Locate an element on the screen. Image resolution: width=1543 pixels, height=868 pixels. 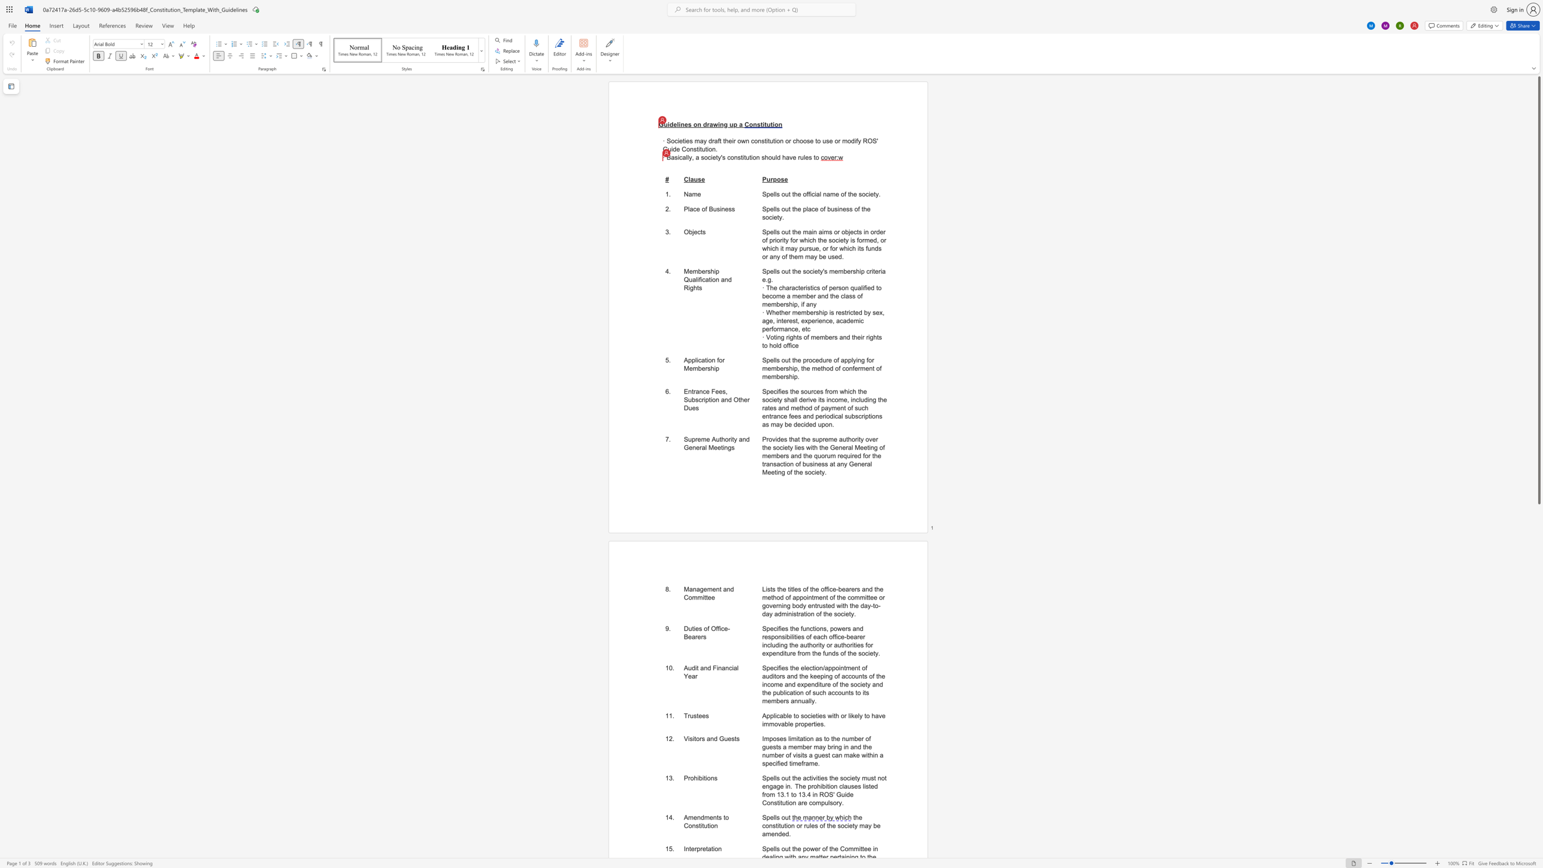
the subset text "es" within the text "Place of Business" is located at coordinates (725, 209).